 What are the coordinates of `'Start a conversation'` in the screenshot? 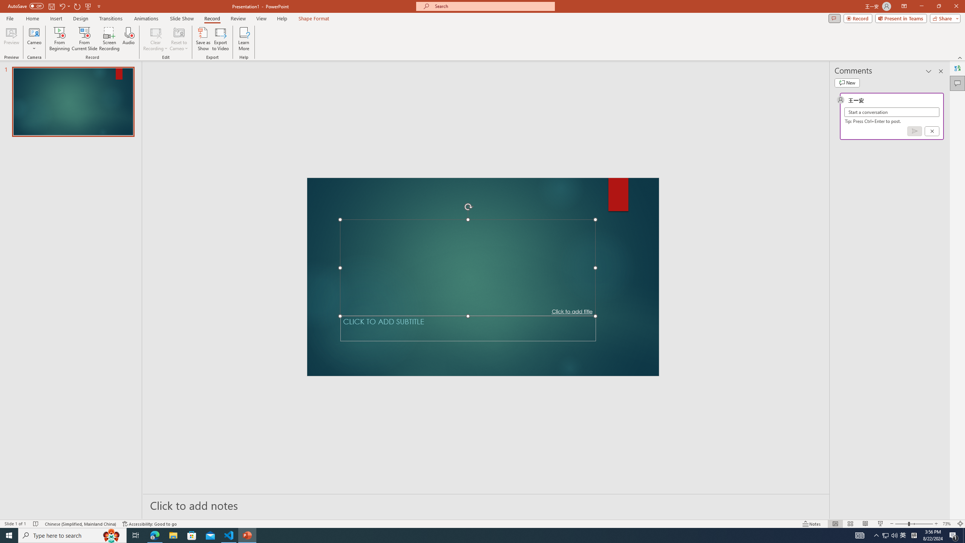 It's located at (891, 112).